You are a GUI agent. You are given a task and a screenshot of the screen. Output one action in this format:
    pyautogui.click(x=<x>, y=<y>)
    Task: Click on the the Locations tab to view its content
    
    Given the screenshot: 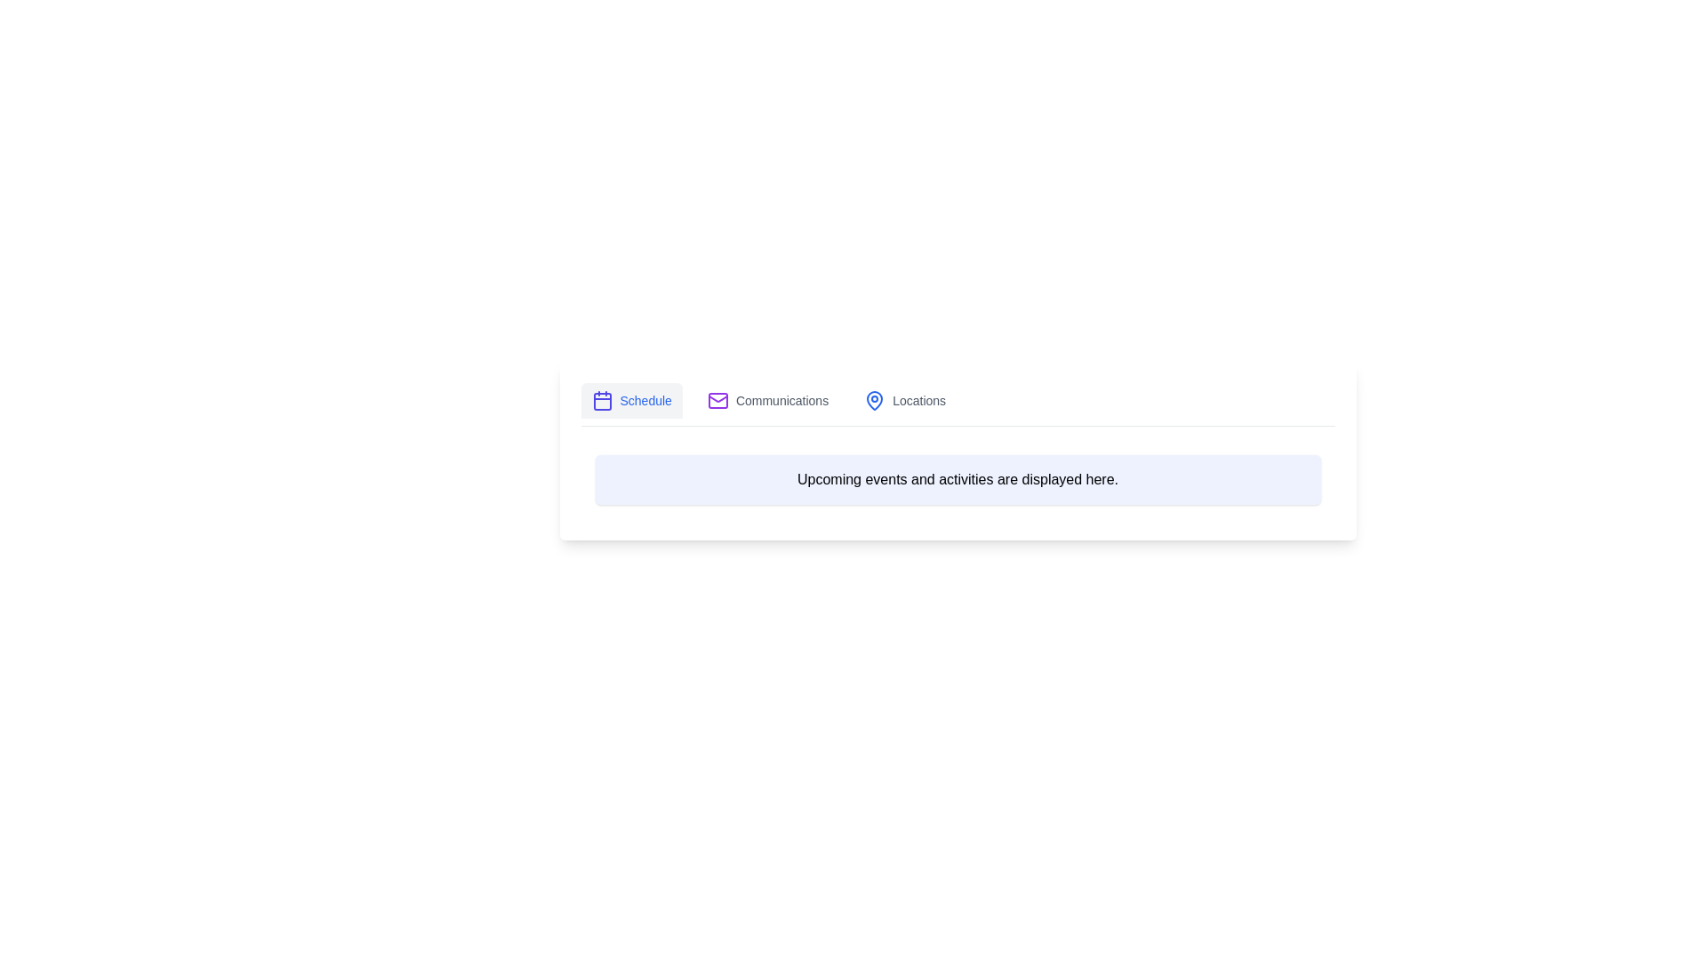 What is the action you would take?
    pyautogui.click(x=904, y=401)
    